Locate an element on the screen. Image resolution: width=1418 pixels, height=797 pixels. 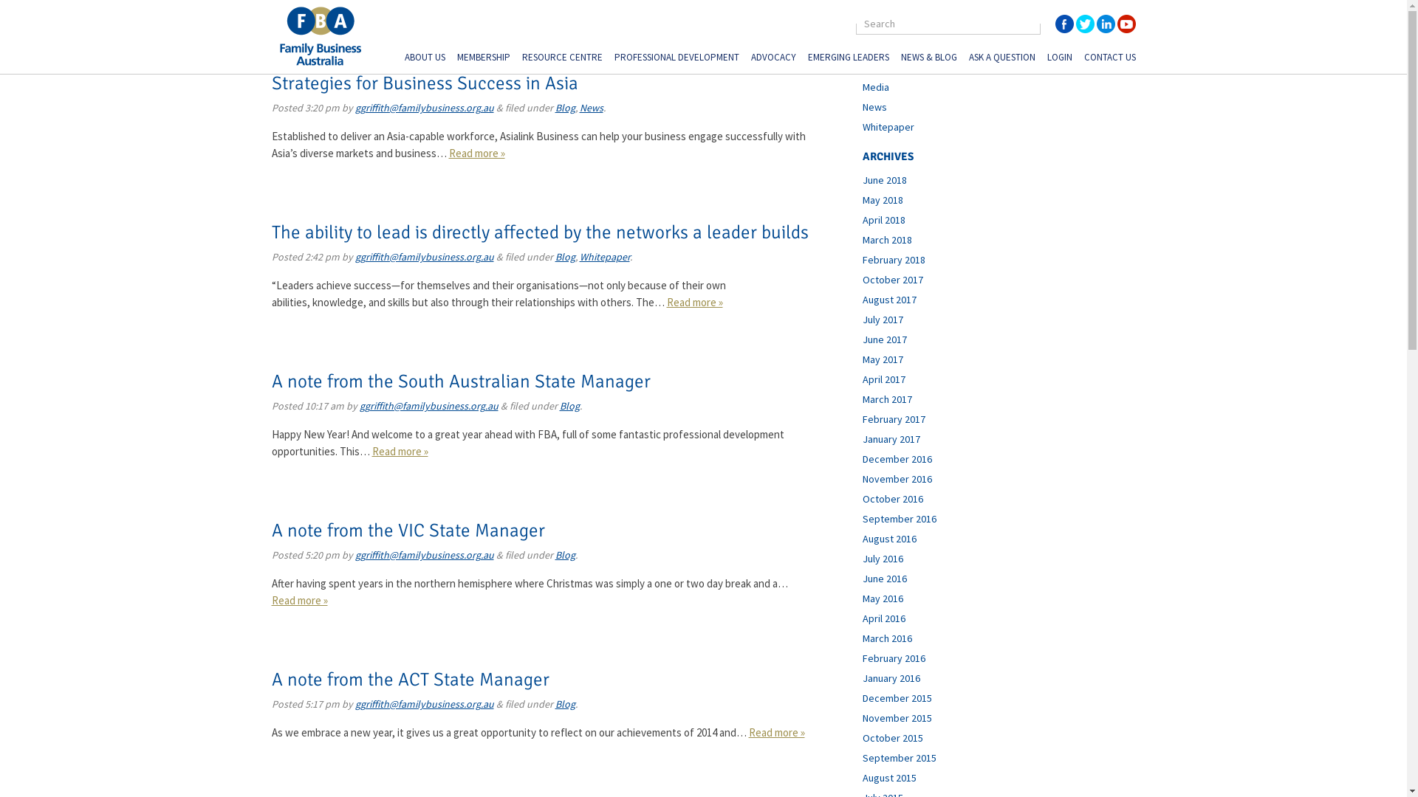
'March 2017' is located at coordinates (886, 398).